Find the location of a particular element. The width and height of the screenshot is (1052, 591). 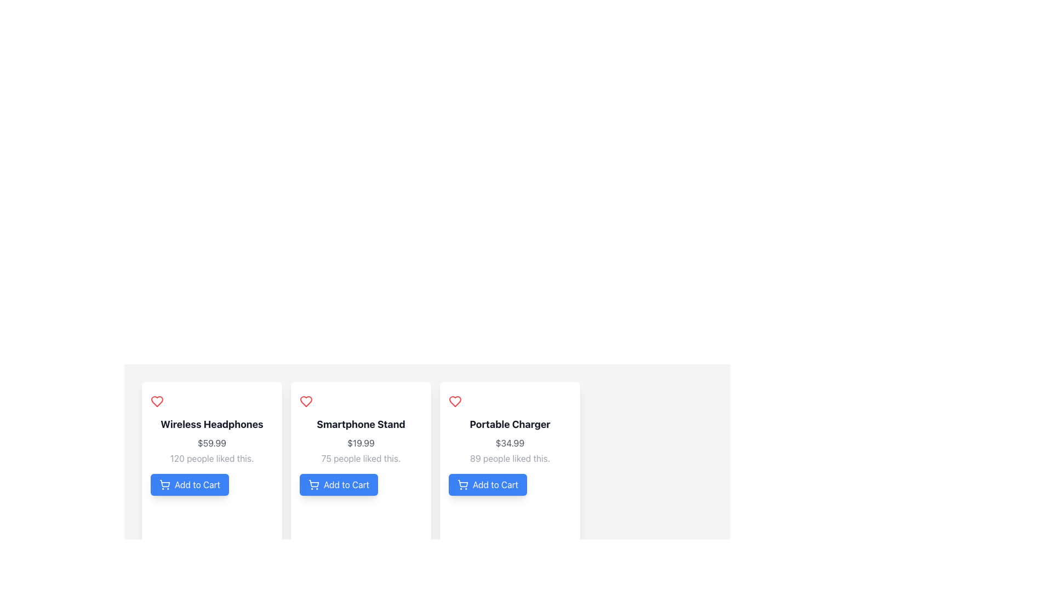

the Static Text Label displaying the price '$34.99', which is located in the card section under the title 'Portable Charger' is located at coordinates (510, 443).